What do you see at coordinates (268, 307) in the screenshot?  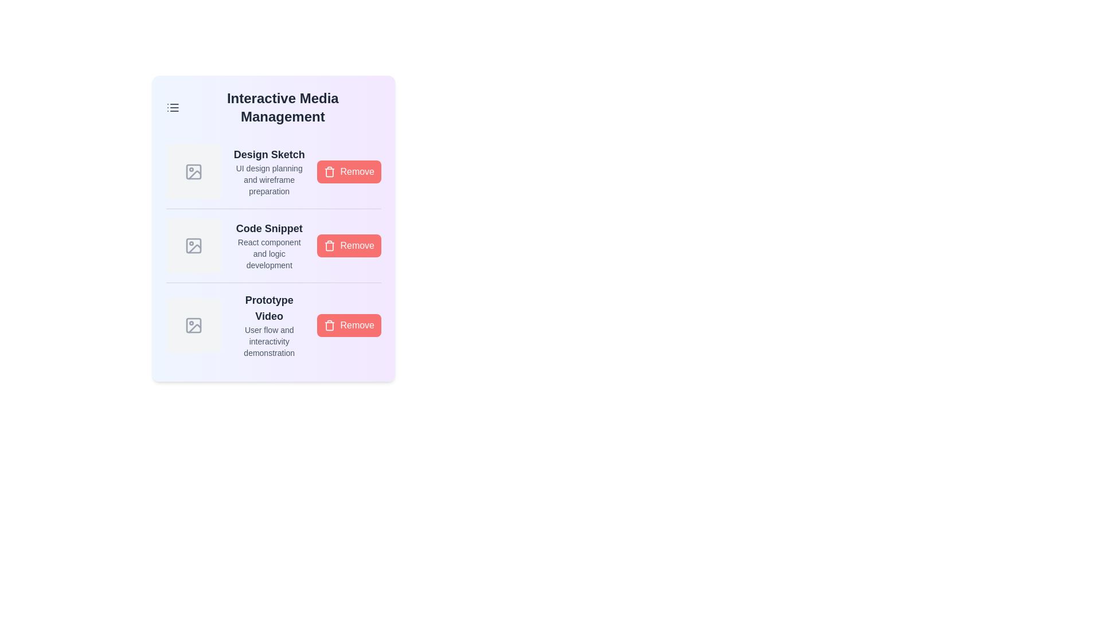 I see `the media name Prototype Video to highlight it for copying` at bounding box center [268, 307].